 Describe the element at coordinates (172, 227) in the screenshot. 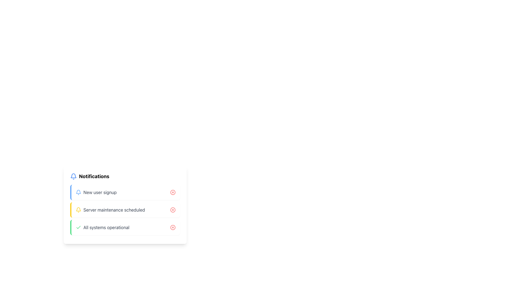

I see `the circular red button with an 'X' icon located at the far-right side of the 'All systems operational' notification entry` at that location.